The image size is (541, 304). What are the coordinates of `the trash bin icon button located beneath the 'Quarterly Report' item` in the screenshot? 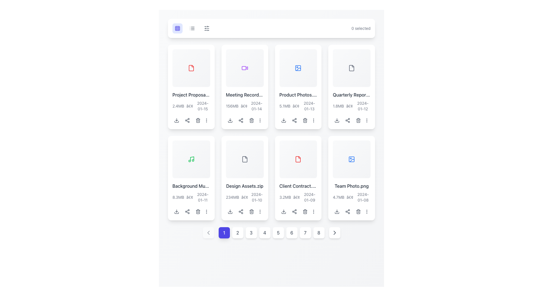 It's located at (358, 120).